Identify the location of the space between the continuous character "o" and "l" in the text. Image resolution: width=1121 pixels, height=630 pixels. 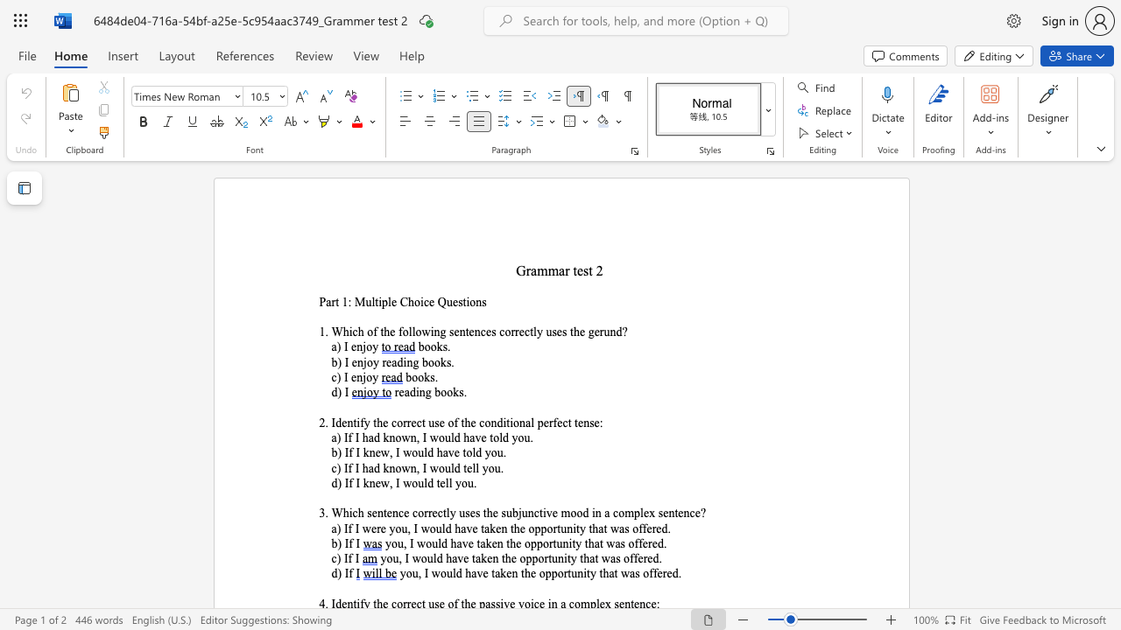
(497, 437).